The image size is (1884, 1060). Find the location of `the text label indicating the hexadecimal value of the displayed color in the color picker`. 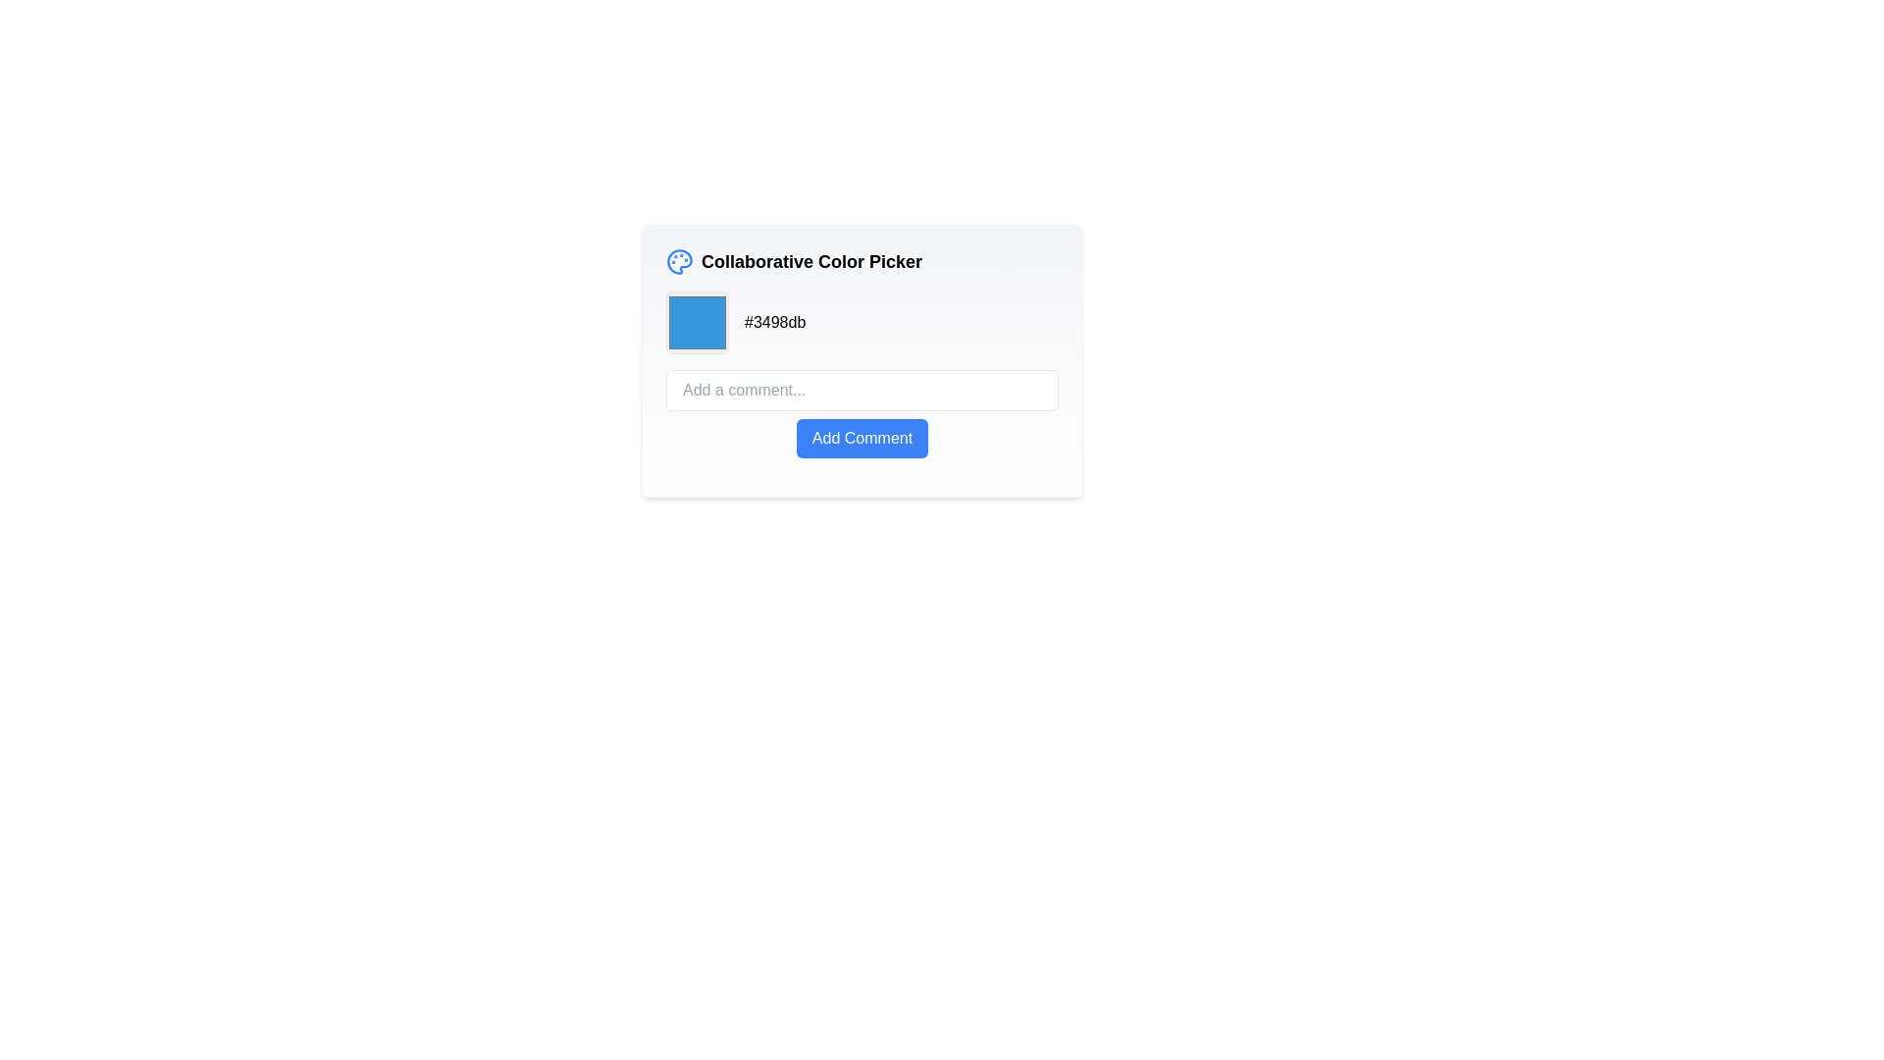

the text label indicating the hexadecimal value of the displayed color in the color picker is located at coordinates (774, 321).